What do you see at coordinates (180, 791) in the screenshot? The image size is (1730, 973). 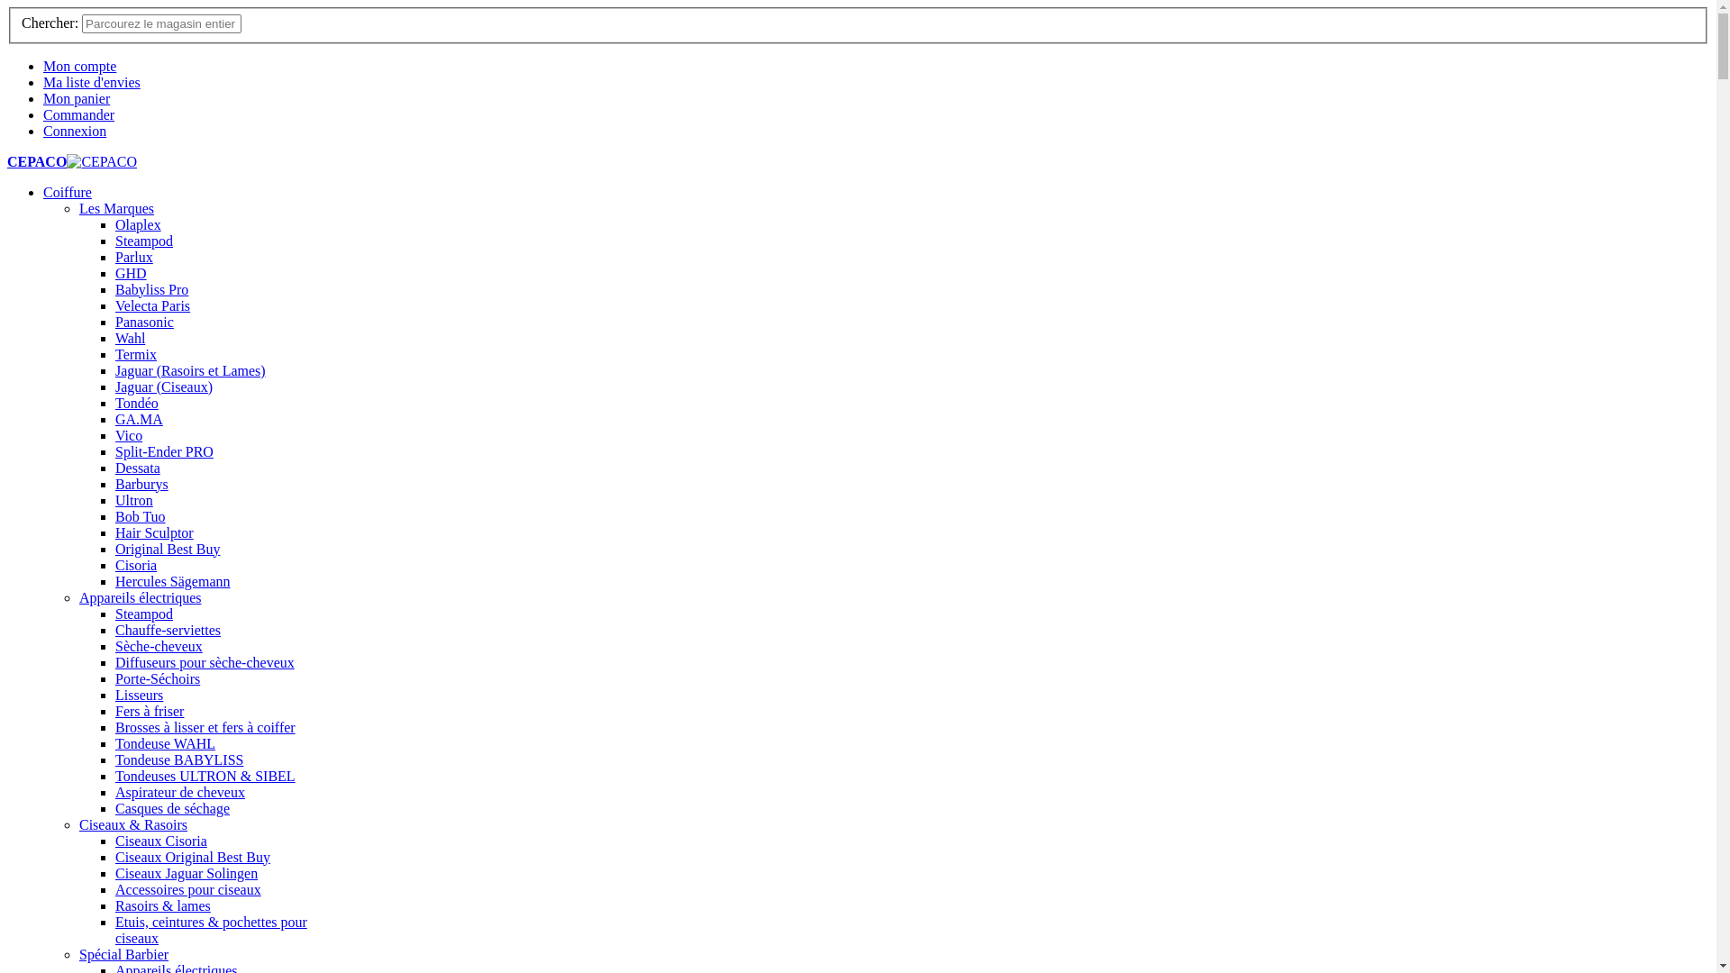 I see `'Aspirateur de cheveux'` at bounding box center [180, 791].